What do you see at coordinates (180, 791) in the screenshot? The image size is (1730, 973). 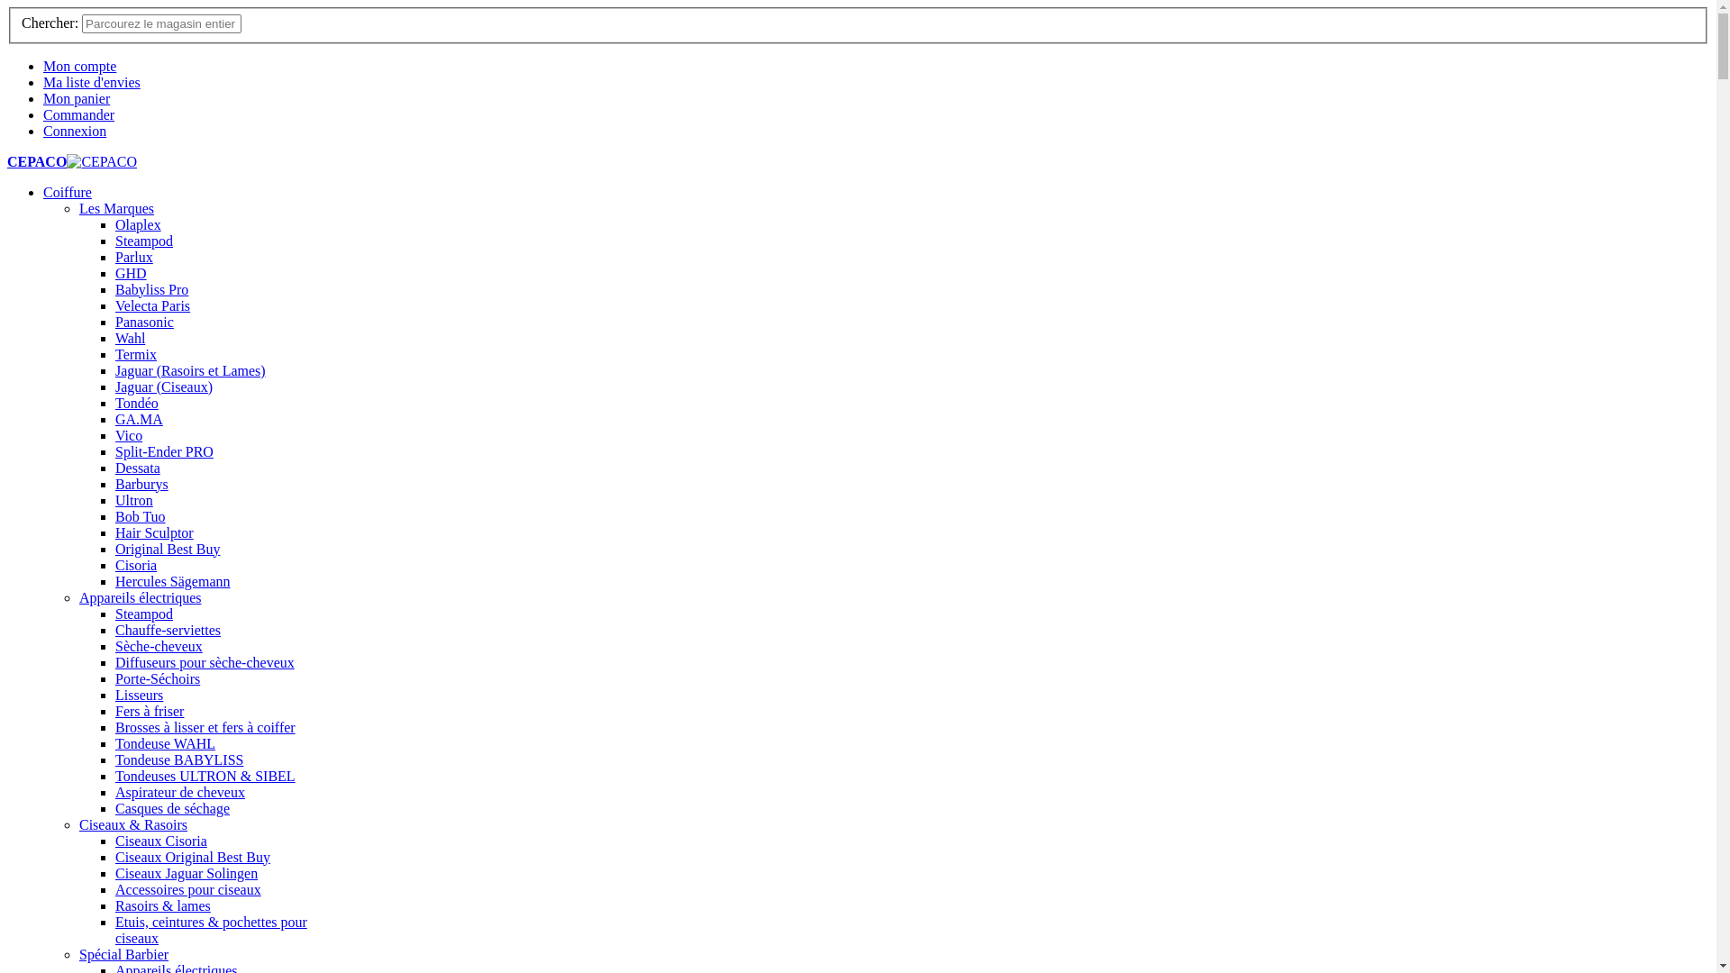 I see `'Aspirateur de cheveux'` at bounding box center [180, 791].